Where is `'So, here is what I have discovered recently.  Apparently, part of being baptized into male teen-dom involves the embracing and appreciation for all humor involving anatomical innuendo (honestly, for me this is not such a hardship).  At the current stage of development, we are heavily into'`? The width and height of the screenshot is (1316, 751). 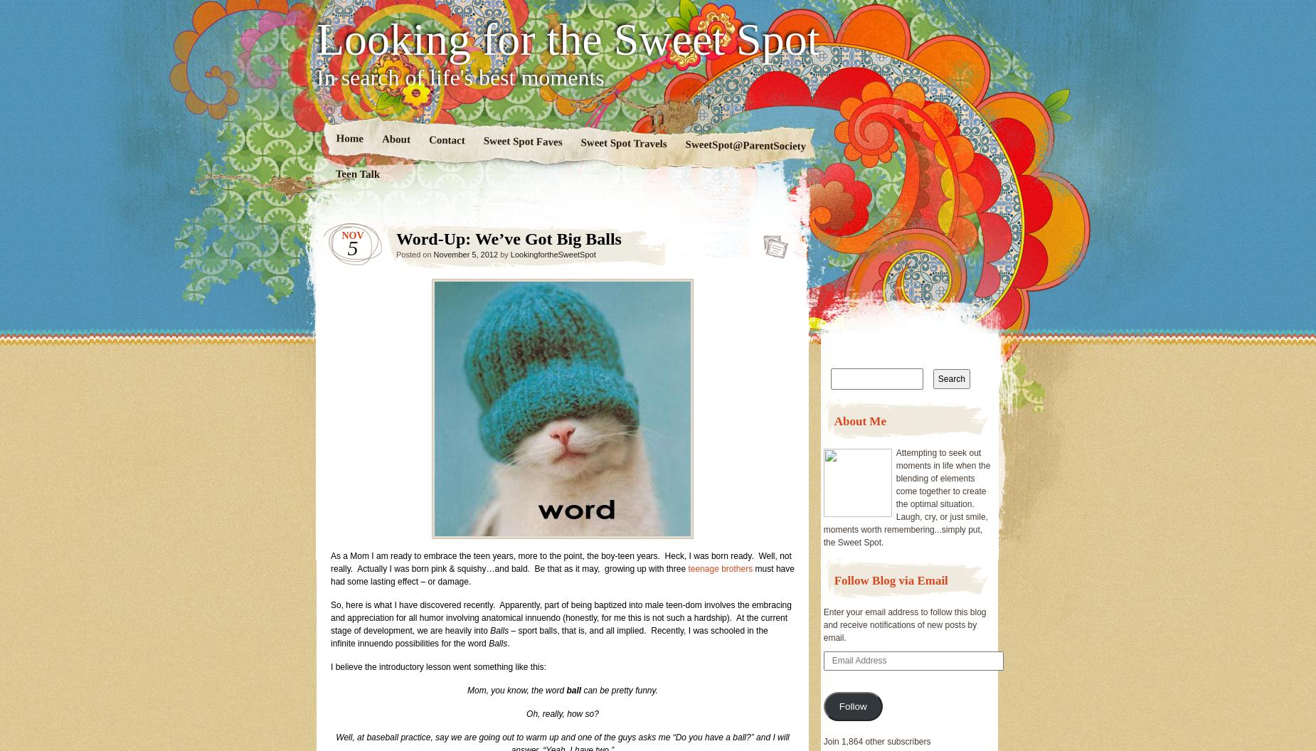 'So, here is what I have discovered recently.  Apparently, part of being baptized into male teen-dom involves the embracing and appreciation for all humor involving anatomical innuendo (honestly, for me this is not such a hardship).  At the current stage of development, we are heavily into' is located at coordinates (331, 617).